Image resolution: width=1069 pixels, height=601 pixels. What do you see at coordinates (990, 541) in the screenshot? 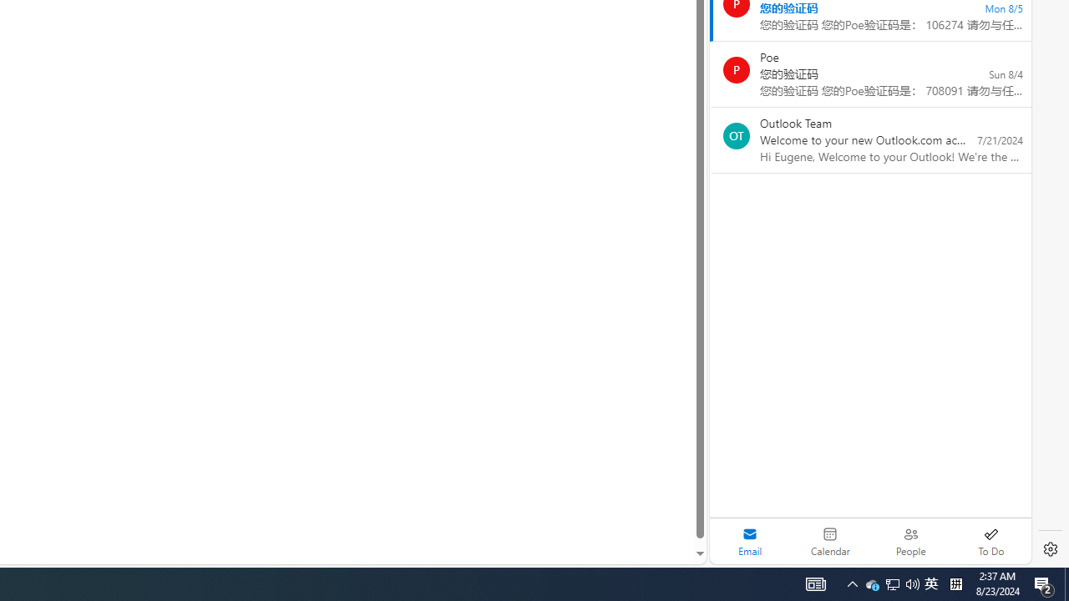
I see `'To Do'` at bounding box center [990, 541].